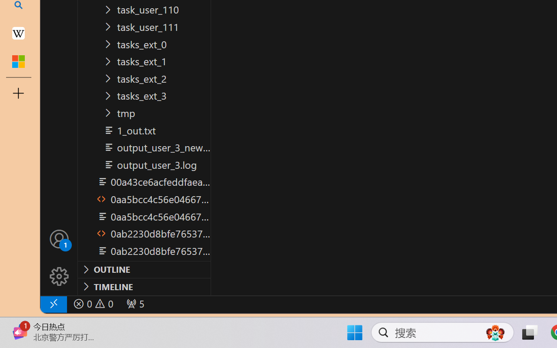 The width and height of the screenshot is (557, 348). Describe the element at coordinates (18, 33) in the screenshot. I see `'Earth - Wikipedia'` at that location.